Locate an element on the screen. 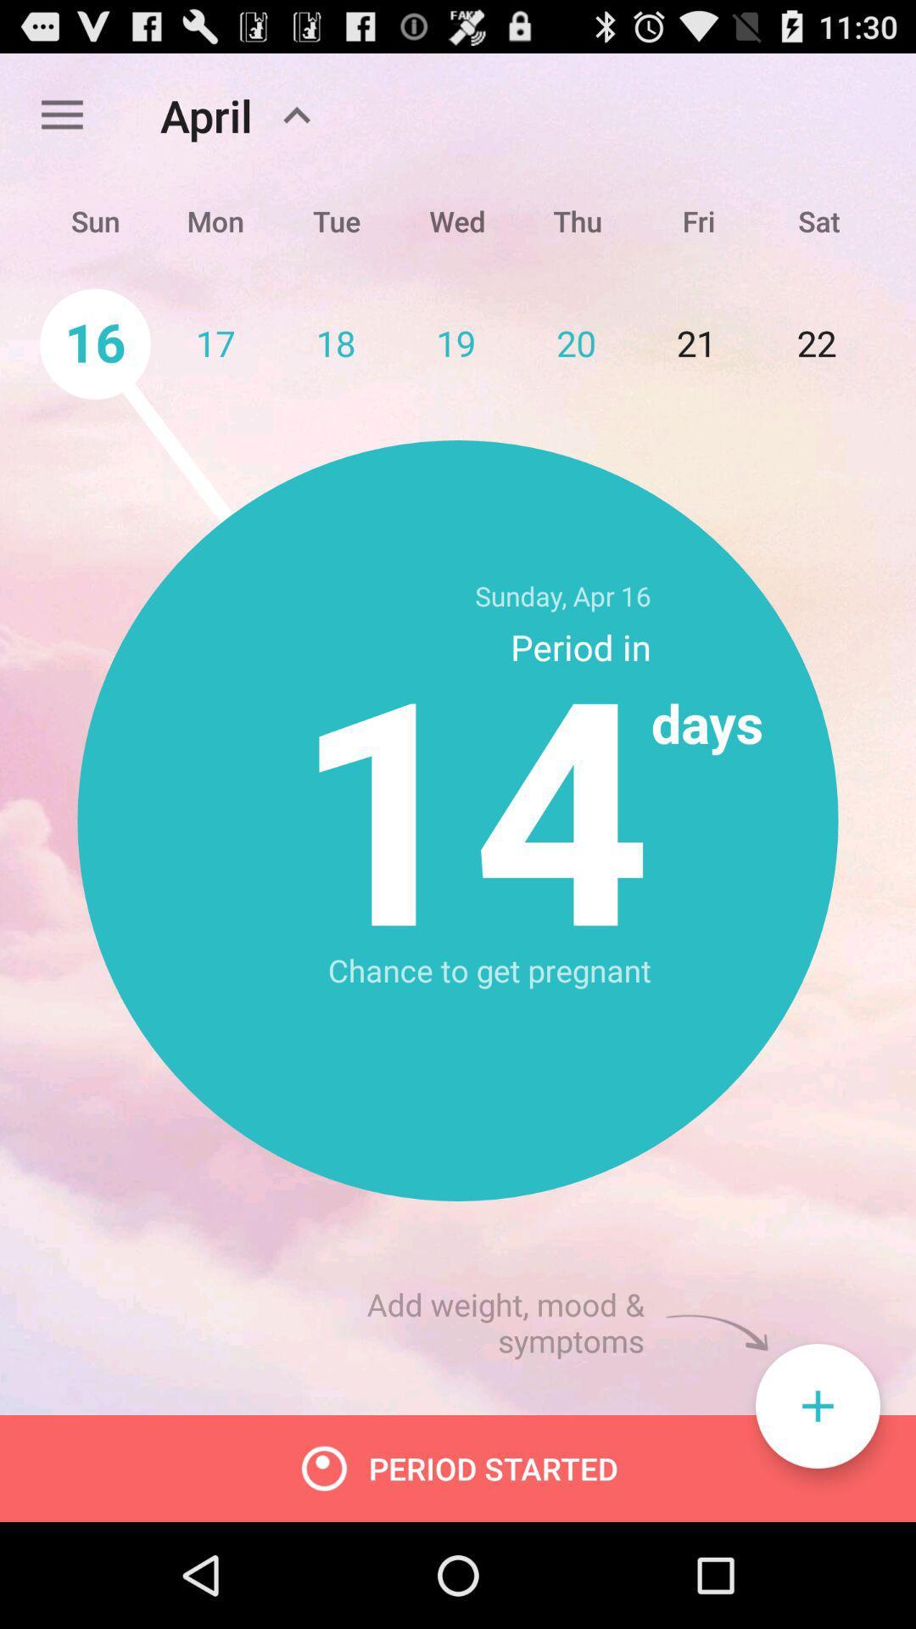  the add icon is located at coordinates (817, 1504).